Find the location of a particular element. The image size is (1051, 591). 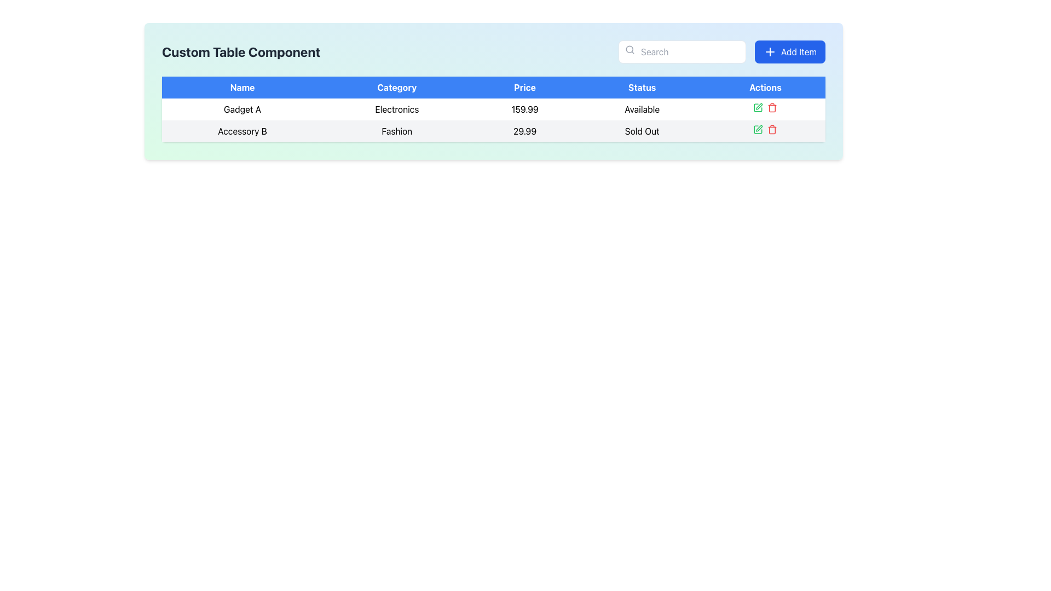

the green edit icon button located in the second row of the 'Actions' column in the table is located at coordinates (758, 107).